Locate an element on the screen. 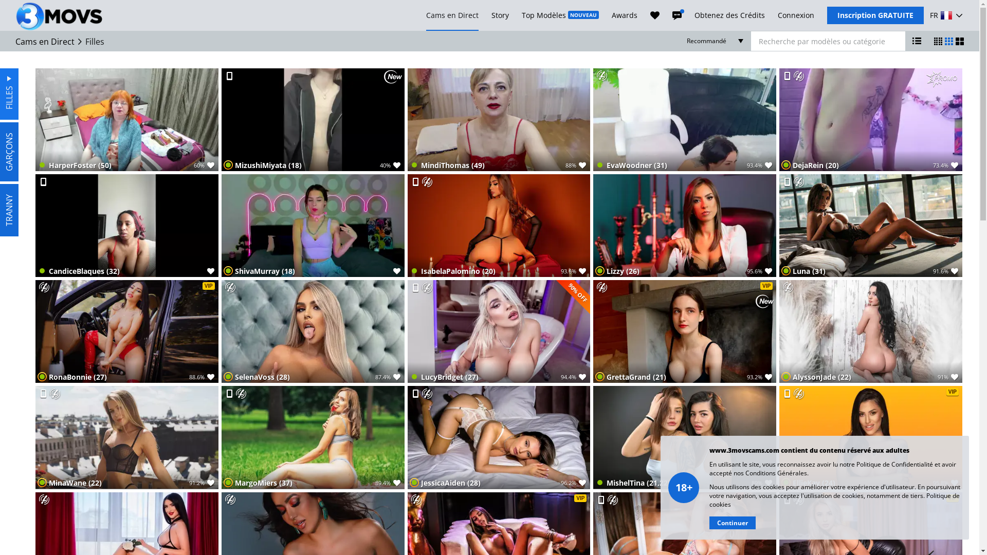 The height and width of the screenshot is (555, 987). 'Mobile En Direct' is located at coordinates (411, 287).